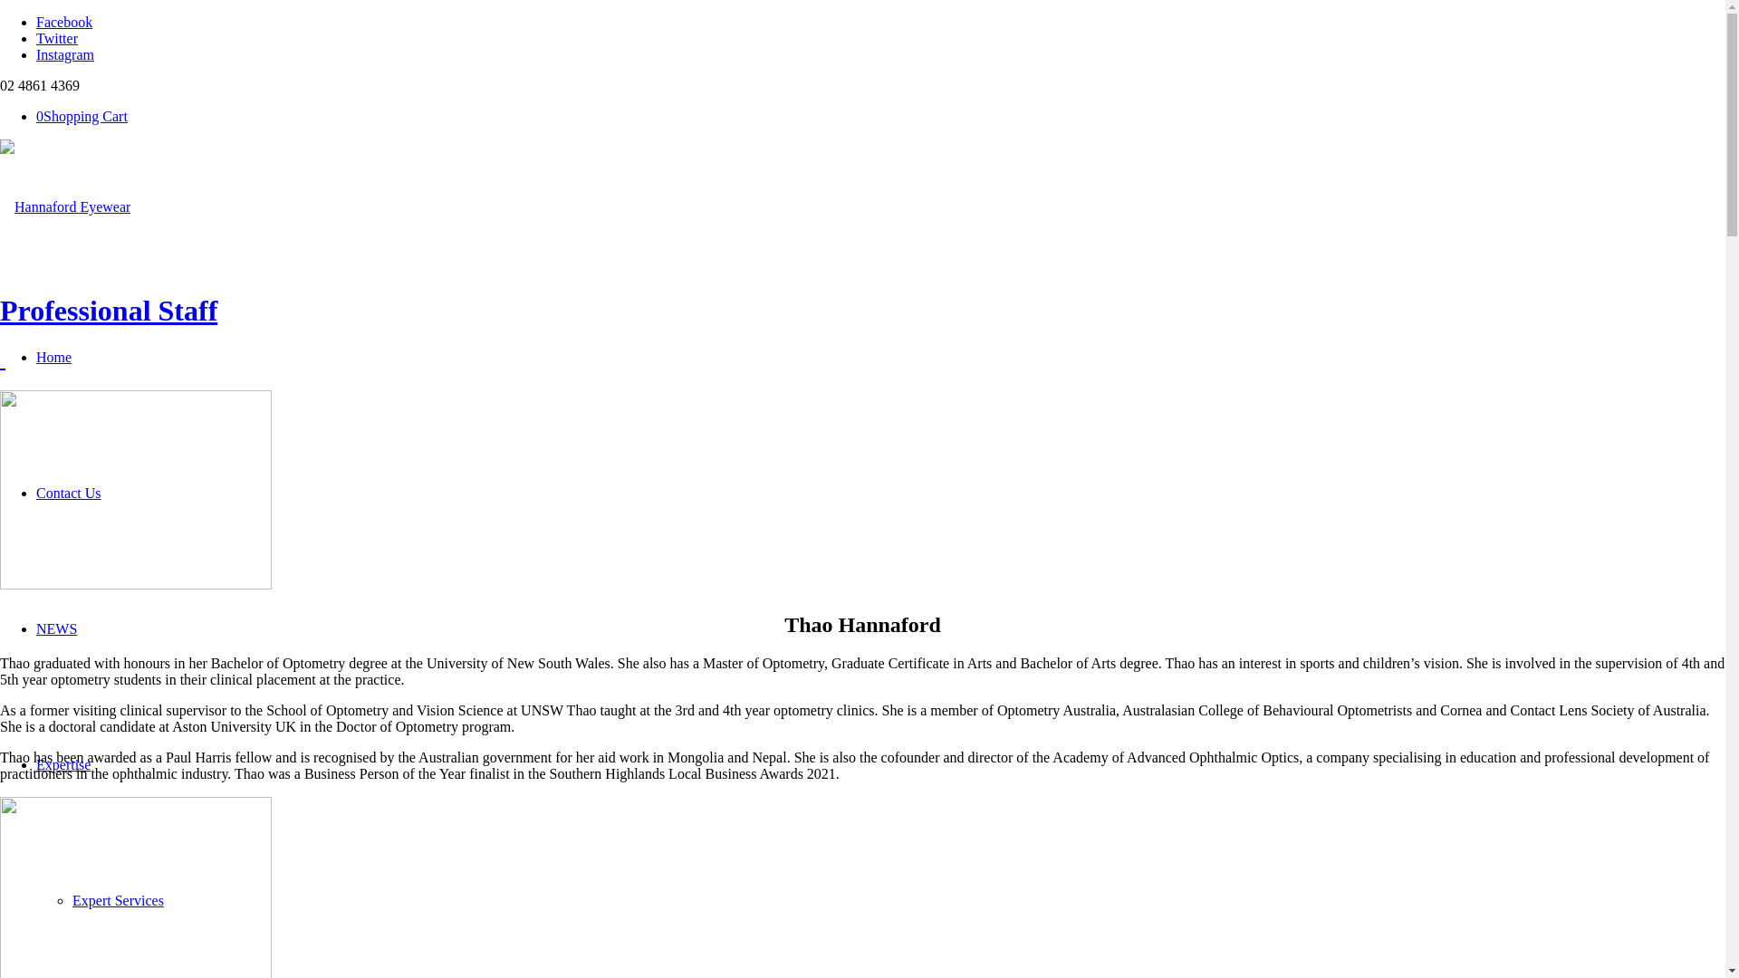  Describe the element at coordinates (63, 764) in the screenshot. I see `'Expertise'` at that location.